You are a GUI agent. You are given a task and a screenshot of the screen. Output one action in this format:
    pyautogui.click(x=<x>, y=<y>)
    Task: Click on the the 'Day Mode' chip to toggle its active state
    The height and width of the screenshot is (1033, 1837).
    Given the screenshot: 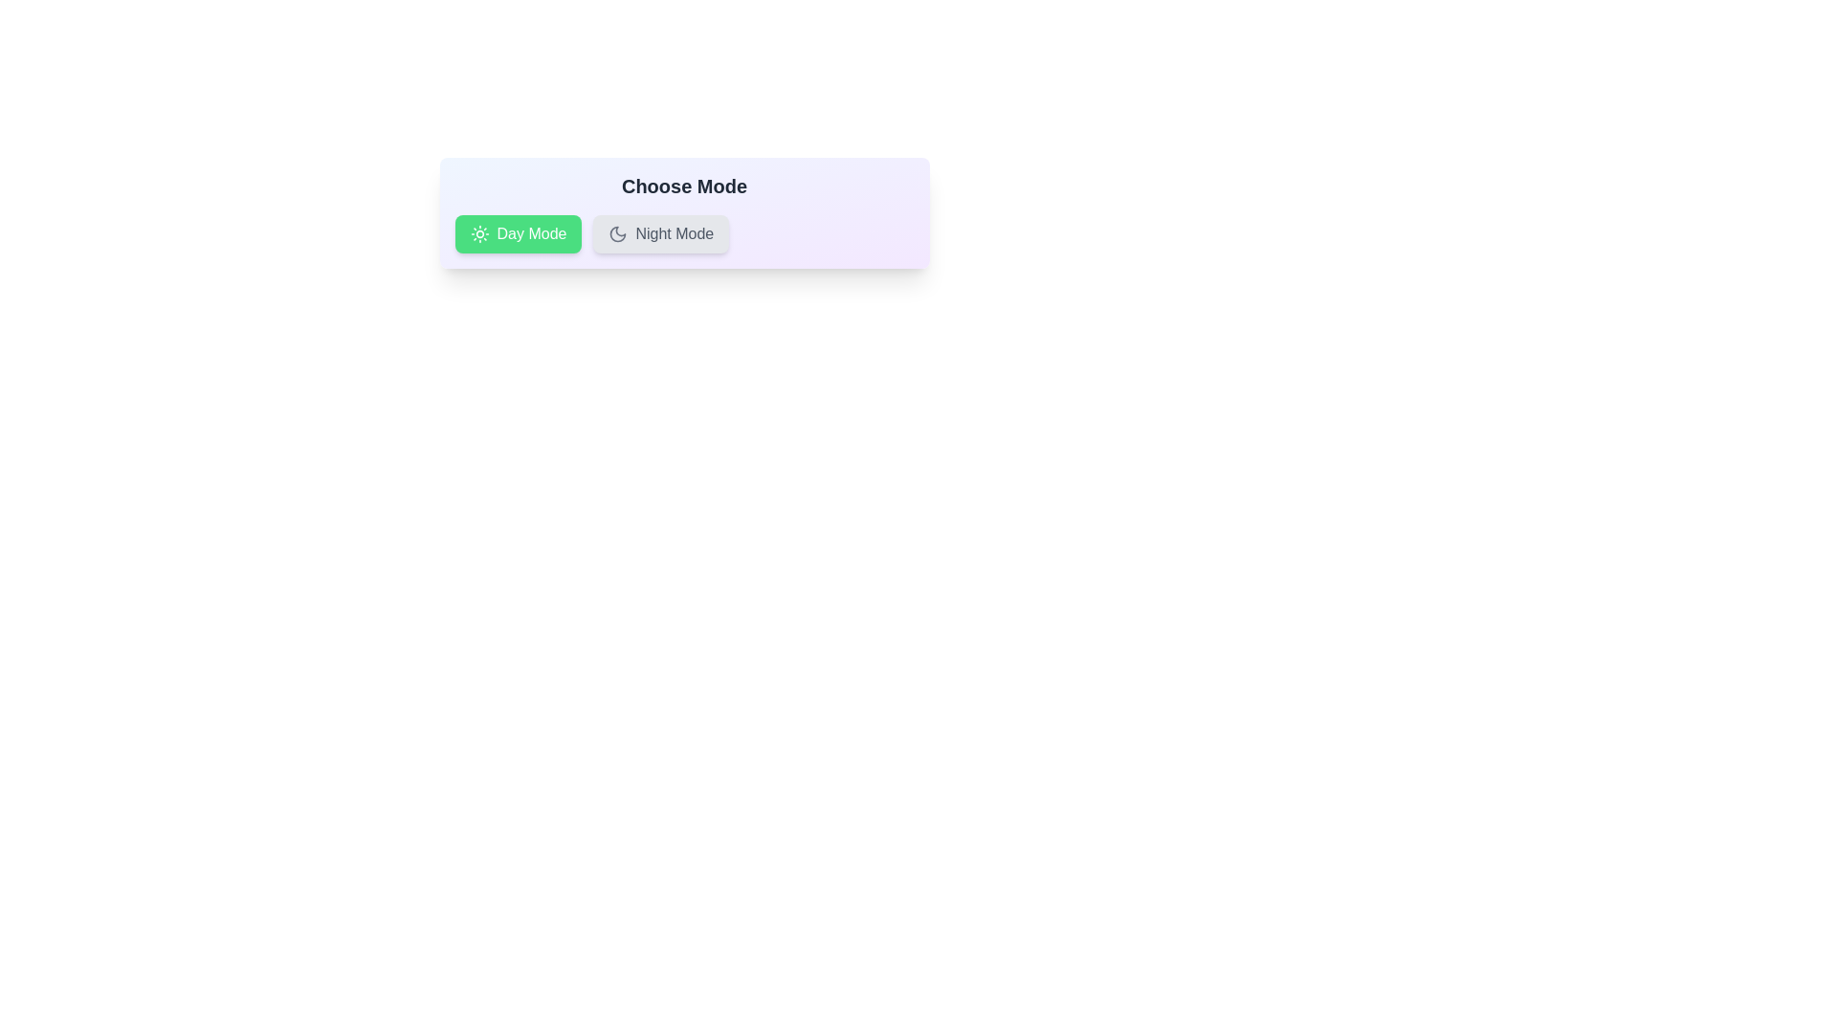 What is the action you would take?
    pyautogui.click(x=519, y=233)
    